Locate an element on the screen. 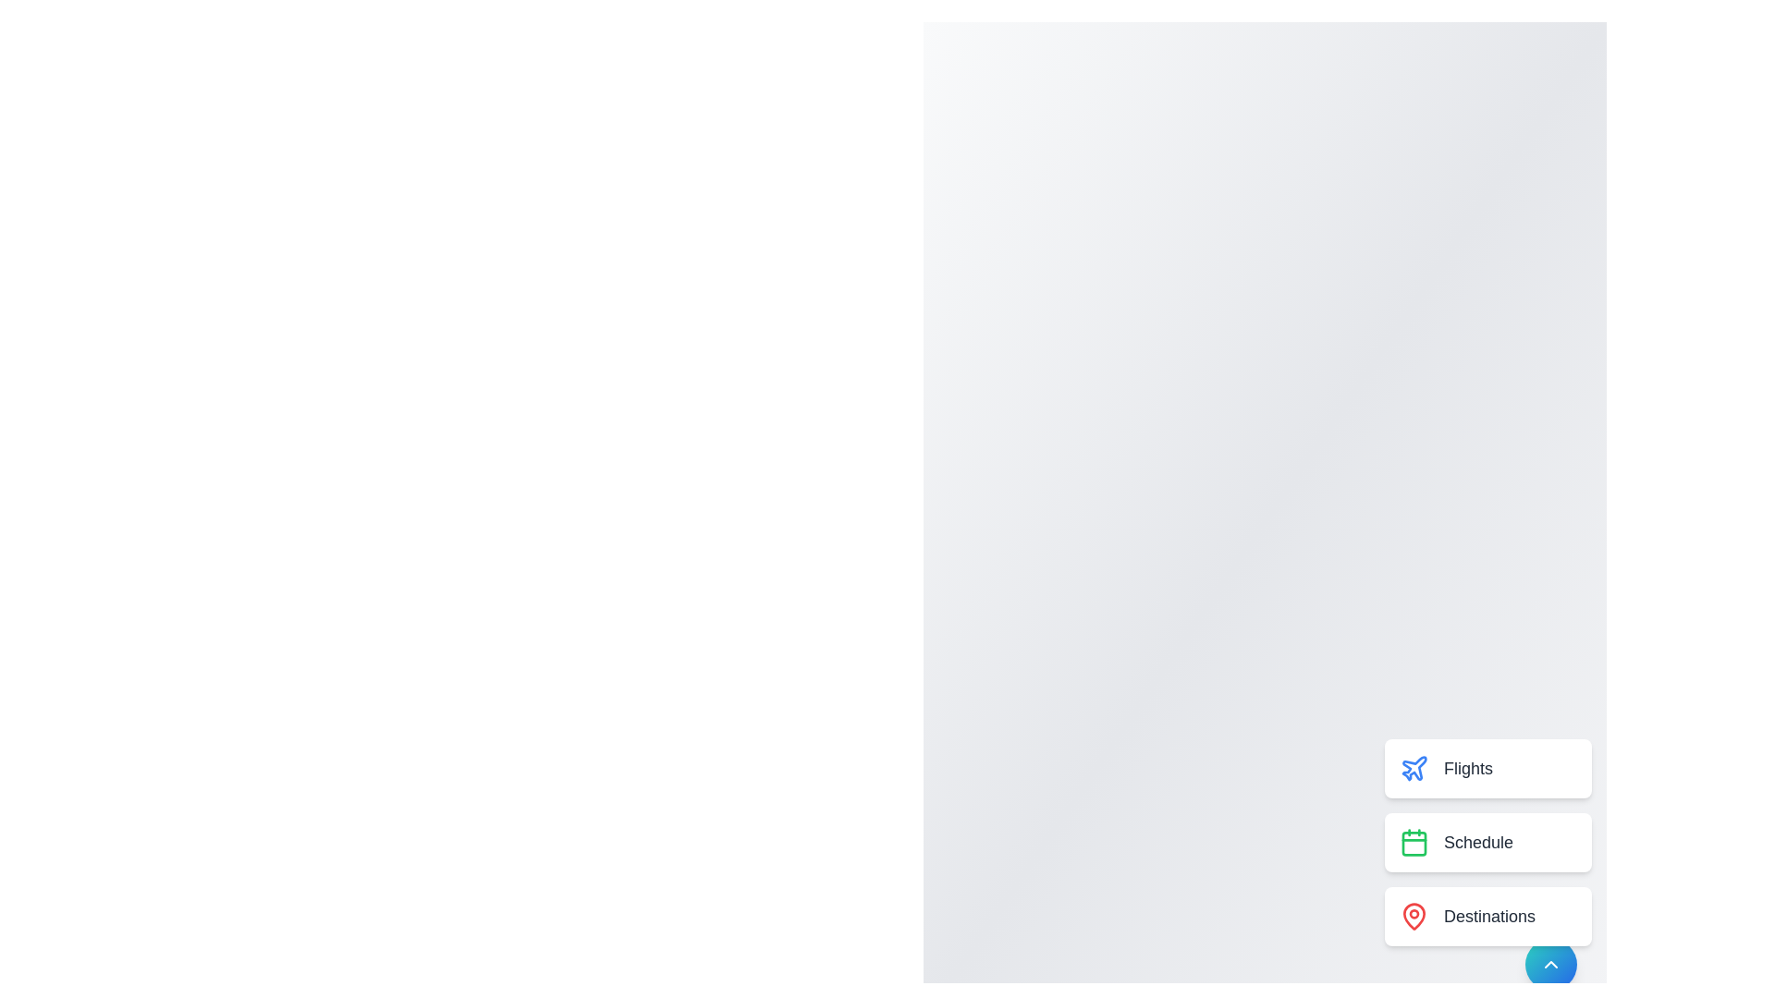 The image size is (1775, 998). the 'Destinations' button in the menu is located at coordinates (1487, 916).